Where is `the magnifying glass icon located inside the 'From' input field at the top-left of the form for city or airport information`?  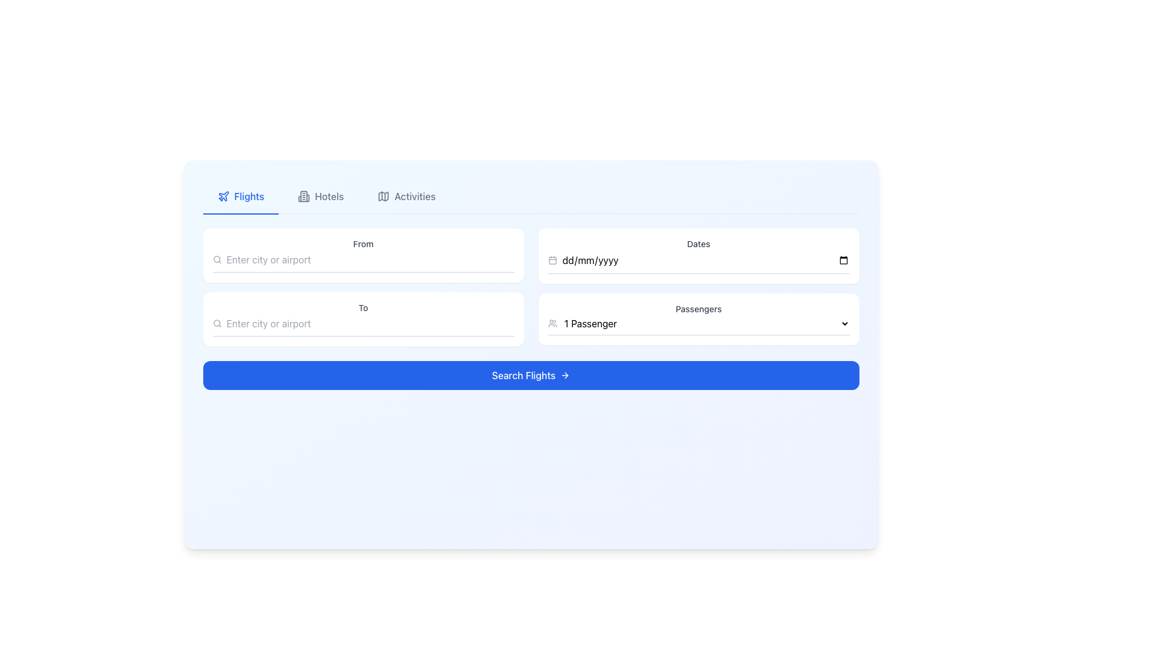
the magnifying glass icon located inside the 'From' input field at the top-left of the form for city or airport information is located at coordinates (217, 259).